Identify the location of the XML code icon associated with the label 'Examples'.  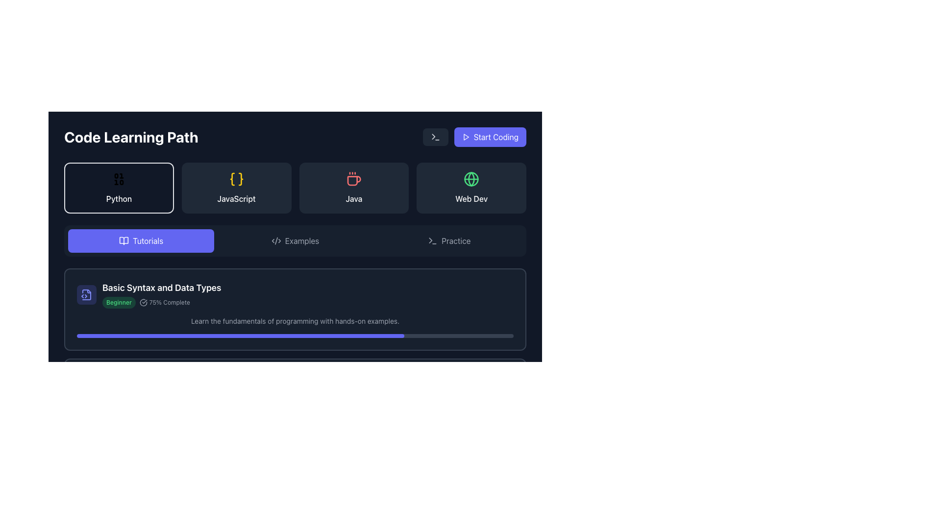
(275, 241).